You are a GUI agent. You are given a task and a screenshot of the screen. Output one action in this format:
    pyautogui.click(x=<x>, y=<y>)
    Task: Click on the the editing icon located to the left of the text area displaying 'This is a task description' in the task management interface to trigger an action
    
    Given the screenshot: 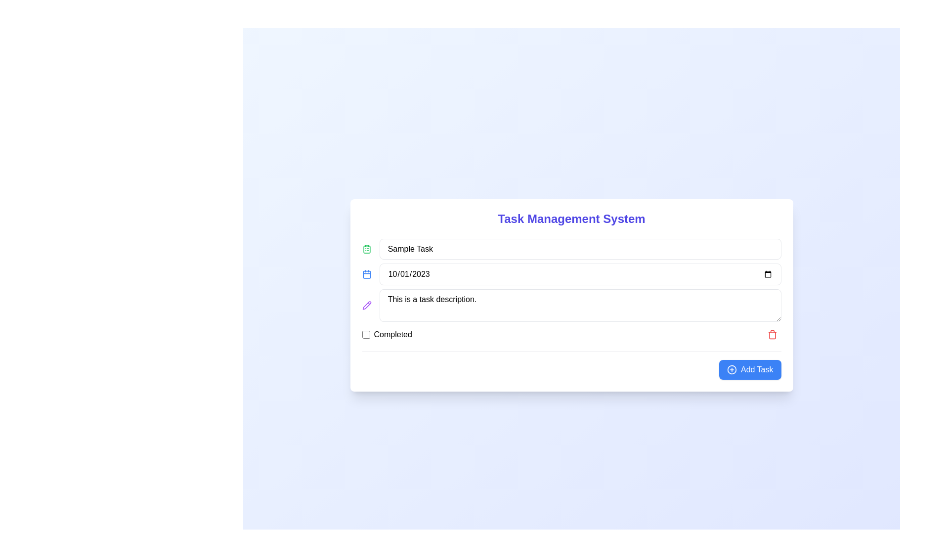 What is the action you would take?
    pyautogui.click(x=366, y=305)
    